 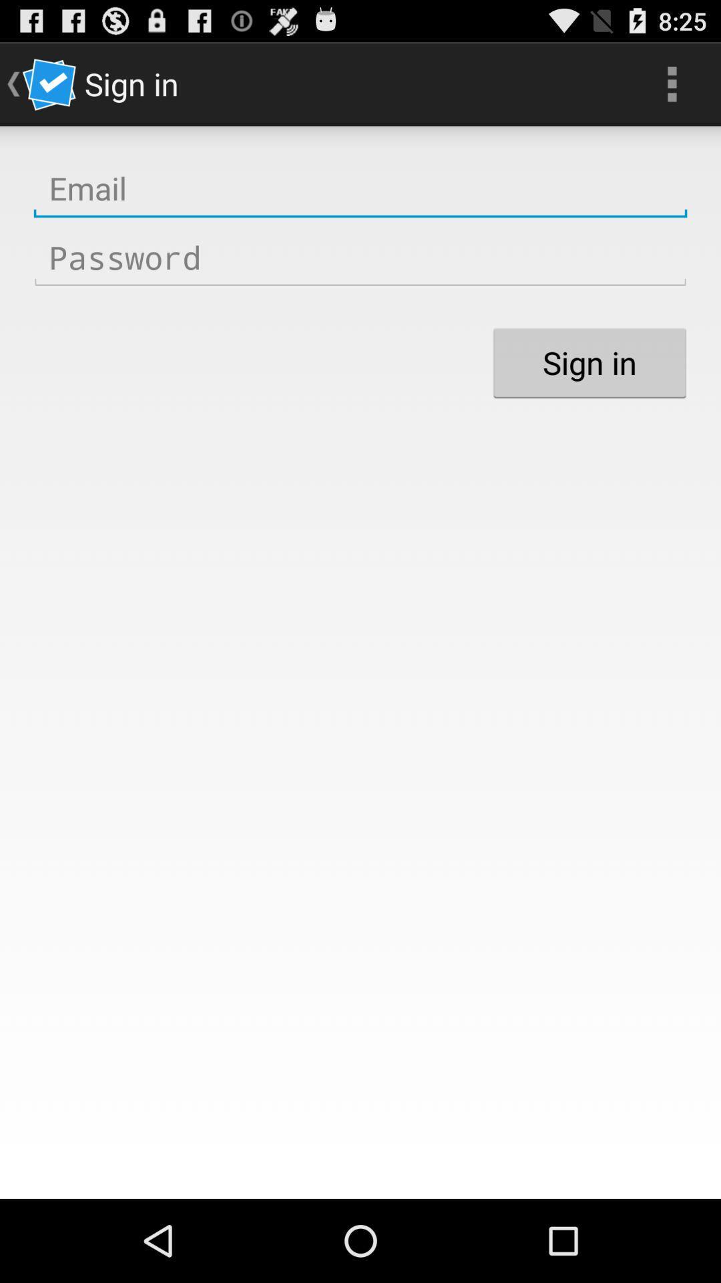 I want to click on email input to login, so click(x=360, y=188).